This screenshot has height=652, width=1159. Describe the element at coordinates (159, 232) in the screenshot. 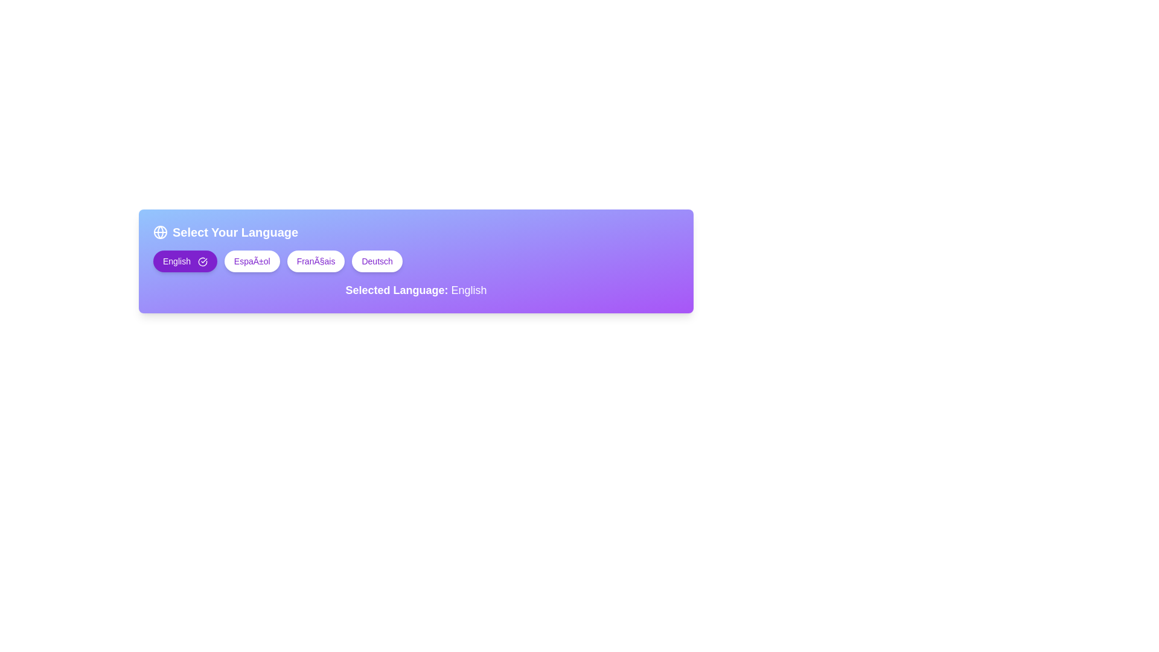

I see `the circular graphical element located within the globe-like icon on the blue-to-purple gradient interface header, near the 'Select Your Language' text` at that location.